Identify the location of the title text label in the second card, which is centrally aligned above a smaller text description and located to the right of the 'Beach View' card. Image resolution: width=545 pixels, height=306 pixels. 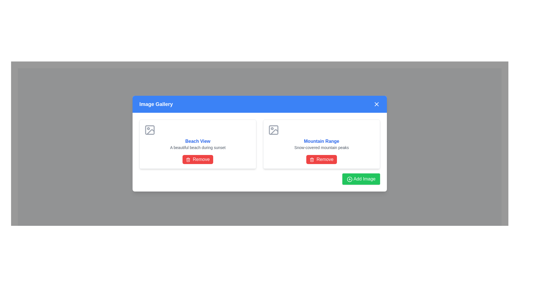
(321, 141).